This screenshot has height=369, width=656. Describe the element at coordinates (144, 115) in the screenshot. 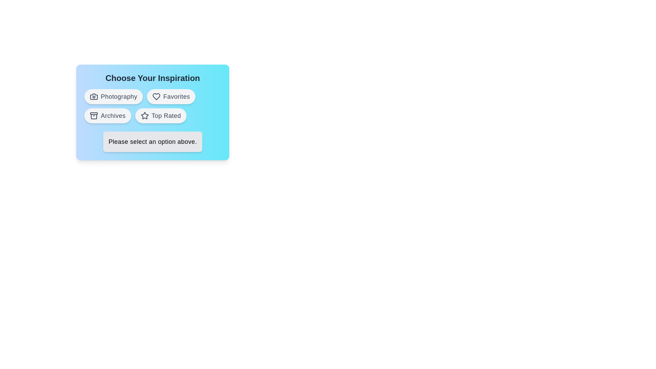

I see `the star-shaped icon located to the left of the 'Top Rated' button, which is styled with a modern outlined design and positioned in the right section of the interface` at that location.